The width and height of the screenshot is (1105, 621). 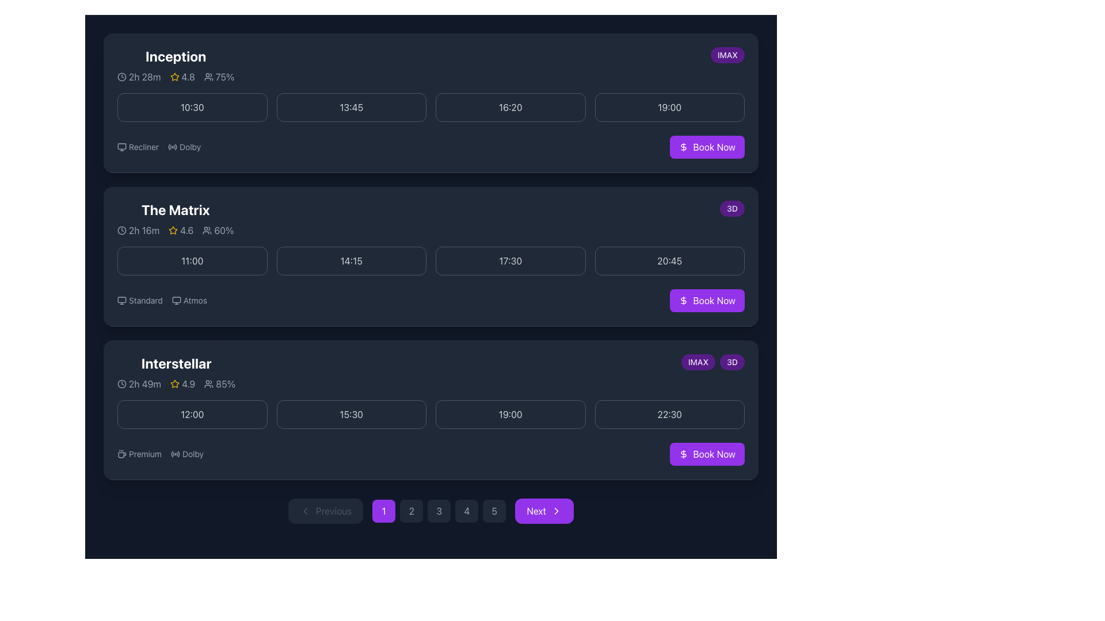 What do you see at coordinates (350, 261) in the screenshot?
I see `the Interactive button displaying '14:15' to trigger its border color change from gray to purple` at bounding box center [350, 261].